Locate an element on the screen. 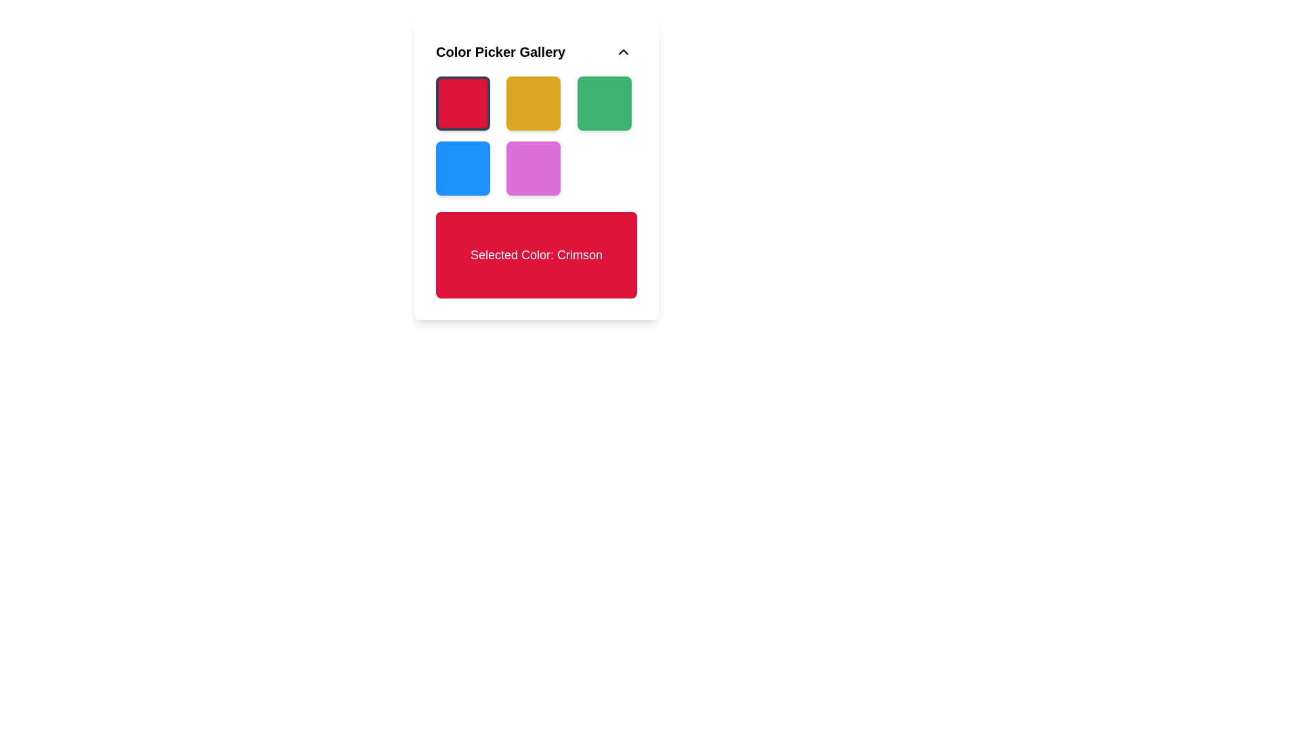  the upward-pointing chevron icon located in the top-right corner of the 'Color Picker Gallery' card is located at coordinates (623, 51).